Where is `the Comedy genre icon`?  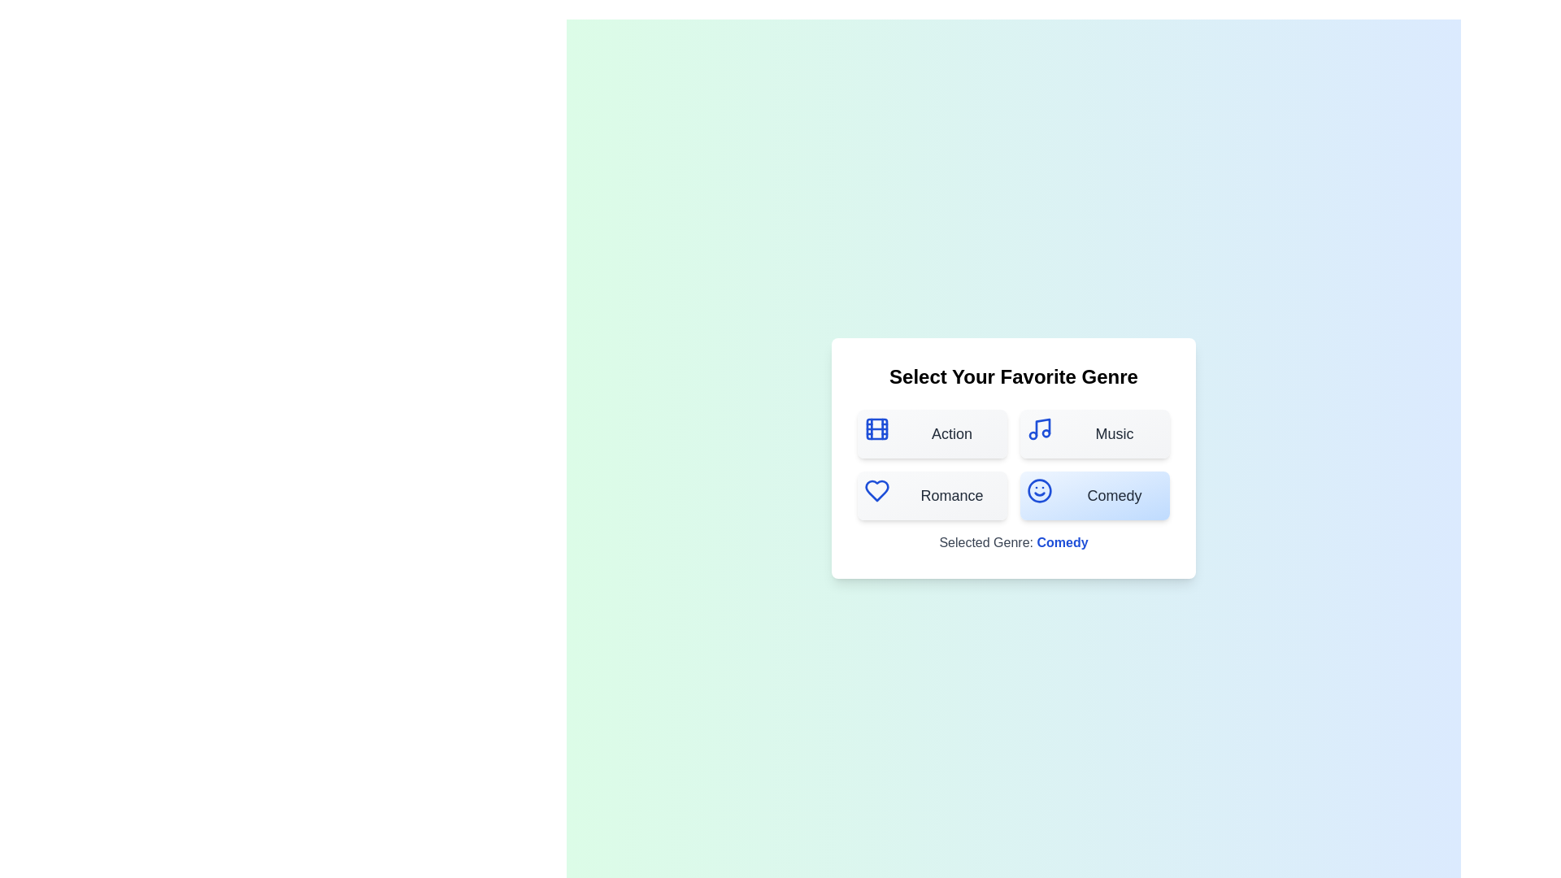 the Comedy genre icon is located at coordinates (1038, 490).